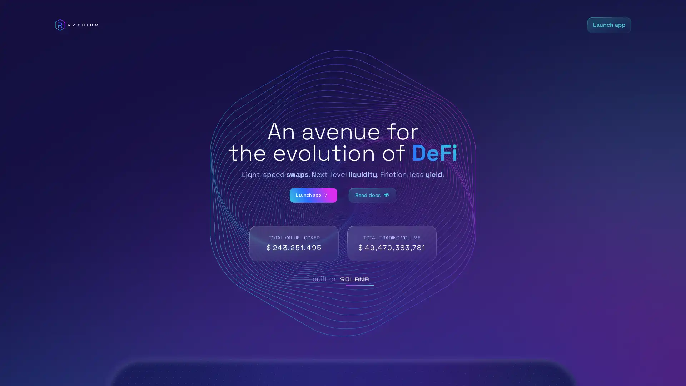 The image size is (686, 386). I want to click on Launch app, so click(310, 195).